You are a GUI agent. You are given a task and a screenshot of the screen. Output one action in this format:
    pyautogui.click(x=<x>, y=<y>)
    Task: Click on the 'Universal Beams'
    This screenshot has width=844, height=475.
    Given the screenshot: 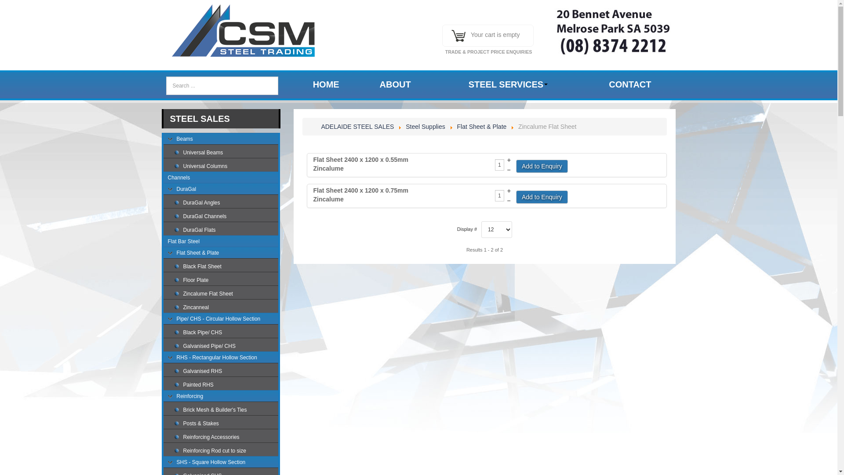 What is the action you would take?
    pyautogui.click(x=182, y=153)
    